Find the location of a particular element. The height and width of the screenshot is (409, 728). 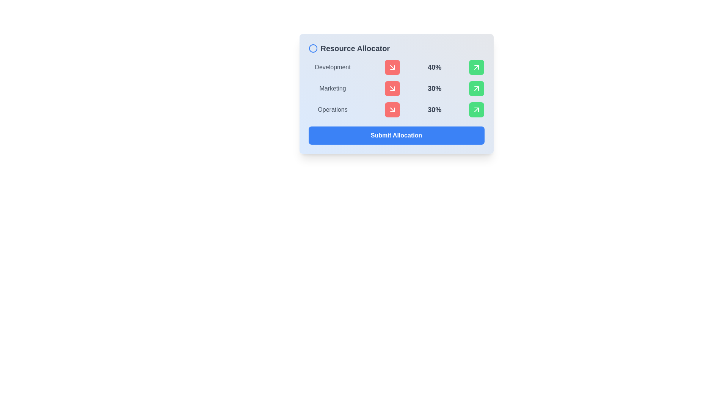

the button located to the right of the 'Development' label and to the left of the '40%' percentage text for accessibility navigation is located at coordinates (392, 67).